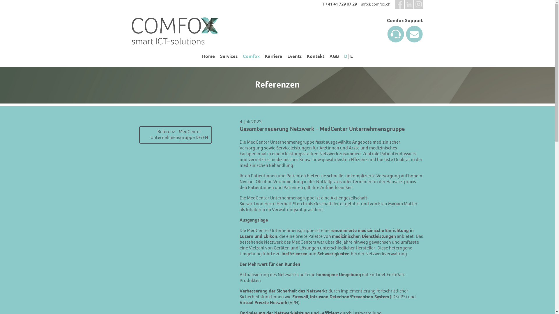 This screenshot has height=314, width=559. Describe the element at coordinates (229, 56) in the screenshot. I see `'Services'` at that location.